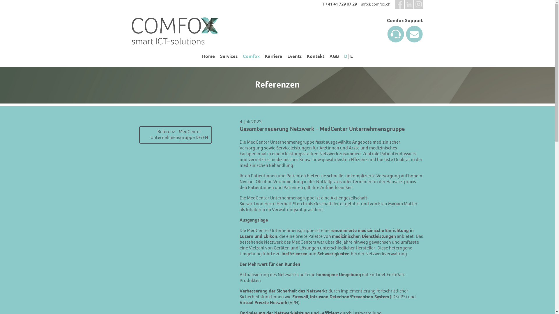 This screenshot has height=314, width=559. Describe the element at coordinates (229, 56) in the screenshot. I see `'Services'` at that location.